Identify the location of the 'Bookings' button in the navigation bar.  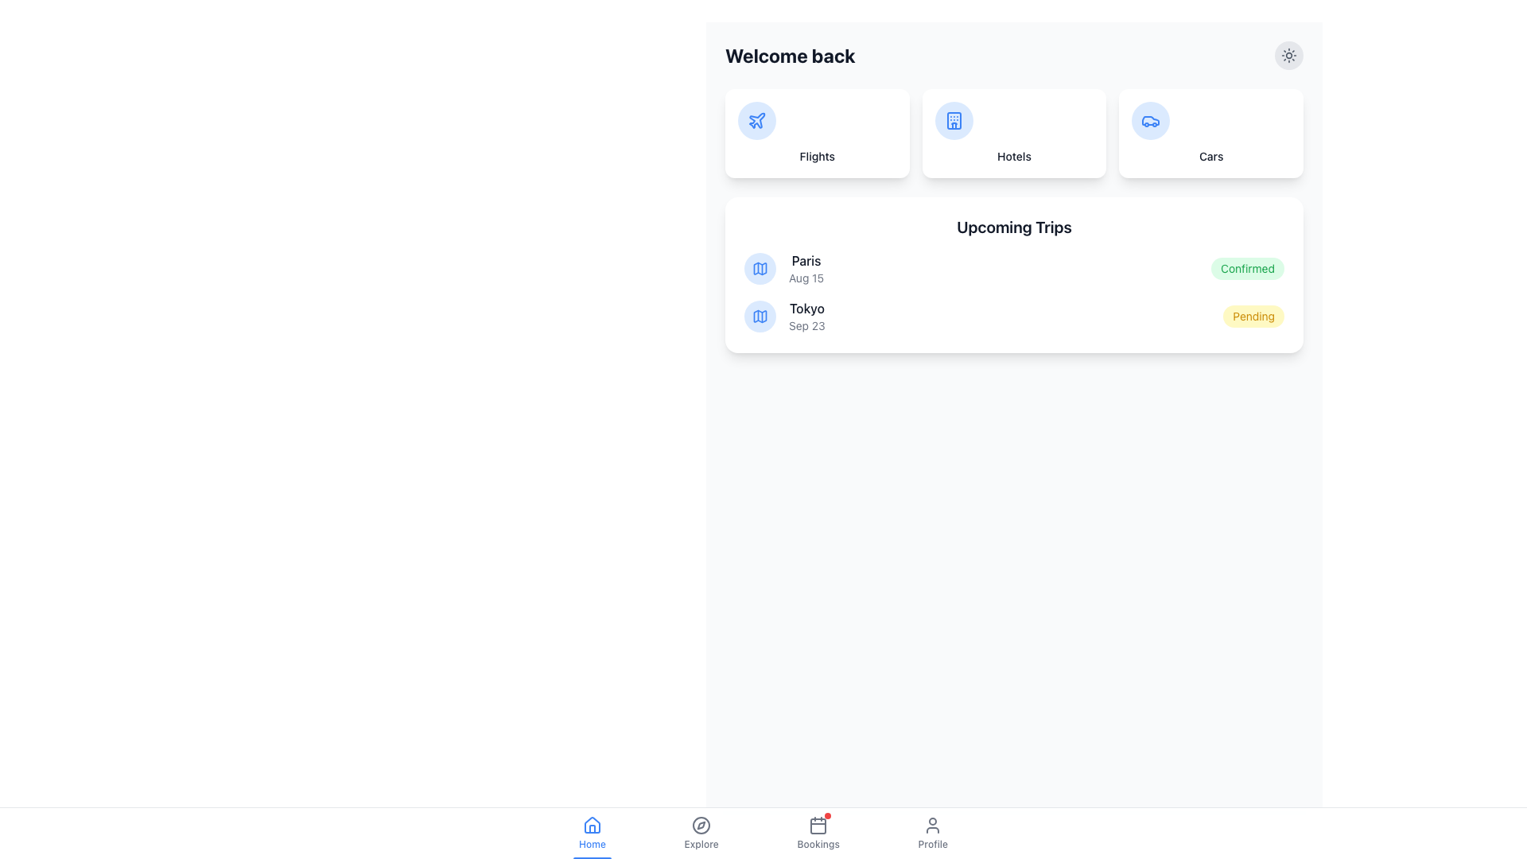
(818, 833).